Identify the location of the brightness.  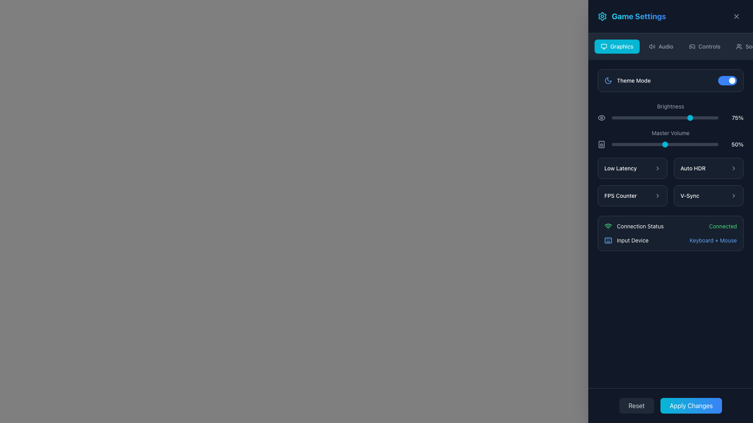
(680, 117).